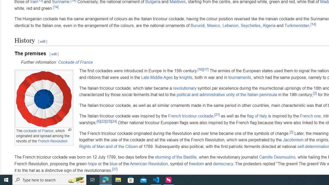 The width and height of the screenshot is (329, 185). I want to click on 'French Revolution', so click(52, 141).